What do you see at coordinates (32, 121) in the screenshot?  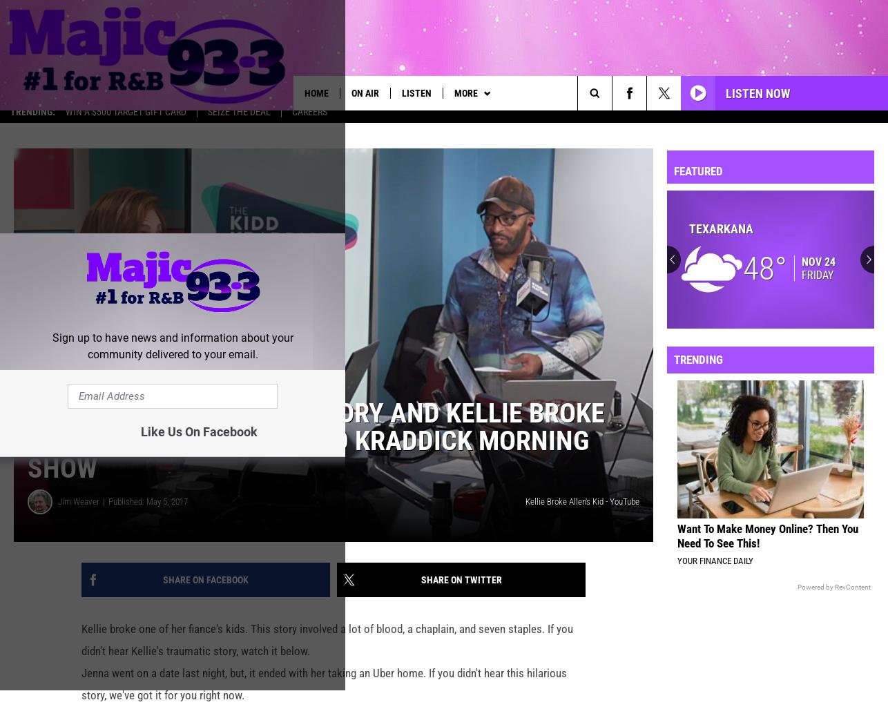 I see `'TRENDING:'` at bounding box center [32, 121].